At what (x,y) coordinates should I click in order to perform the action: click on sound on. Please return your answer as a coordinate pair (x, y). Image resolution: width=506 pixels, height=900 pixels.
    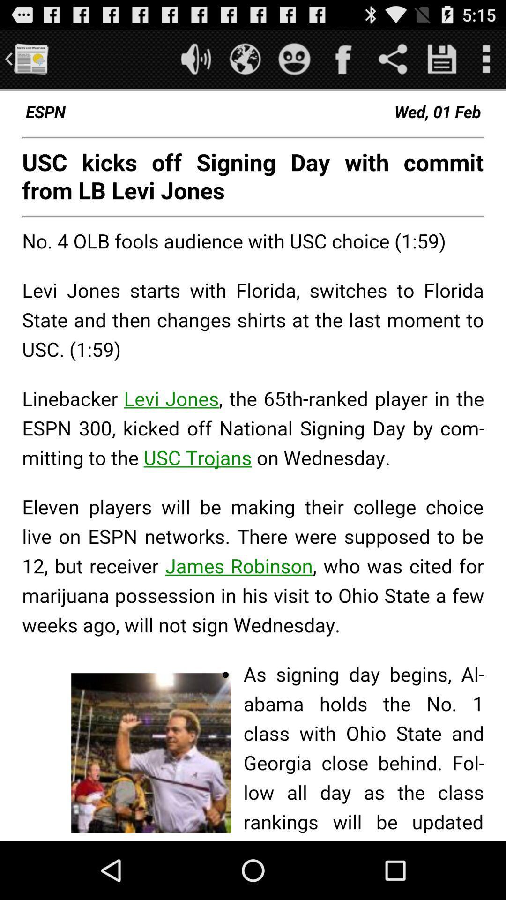
    Looking at the image, I should click on (195, 58).